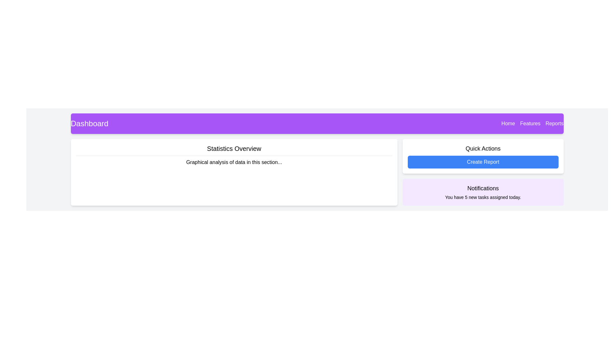 The height and width of the screenshot is (346, 616). I want to click on the bold text label displaying 'Quick Actions', located in the top-right region of the main content area, so click(483, 148).